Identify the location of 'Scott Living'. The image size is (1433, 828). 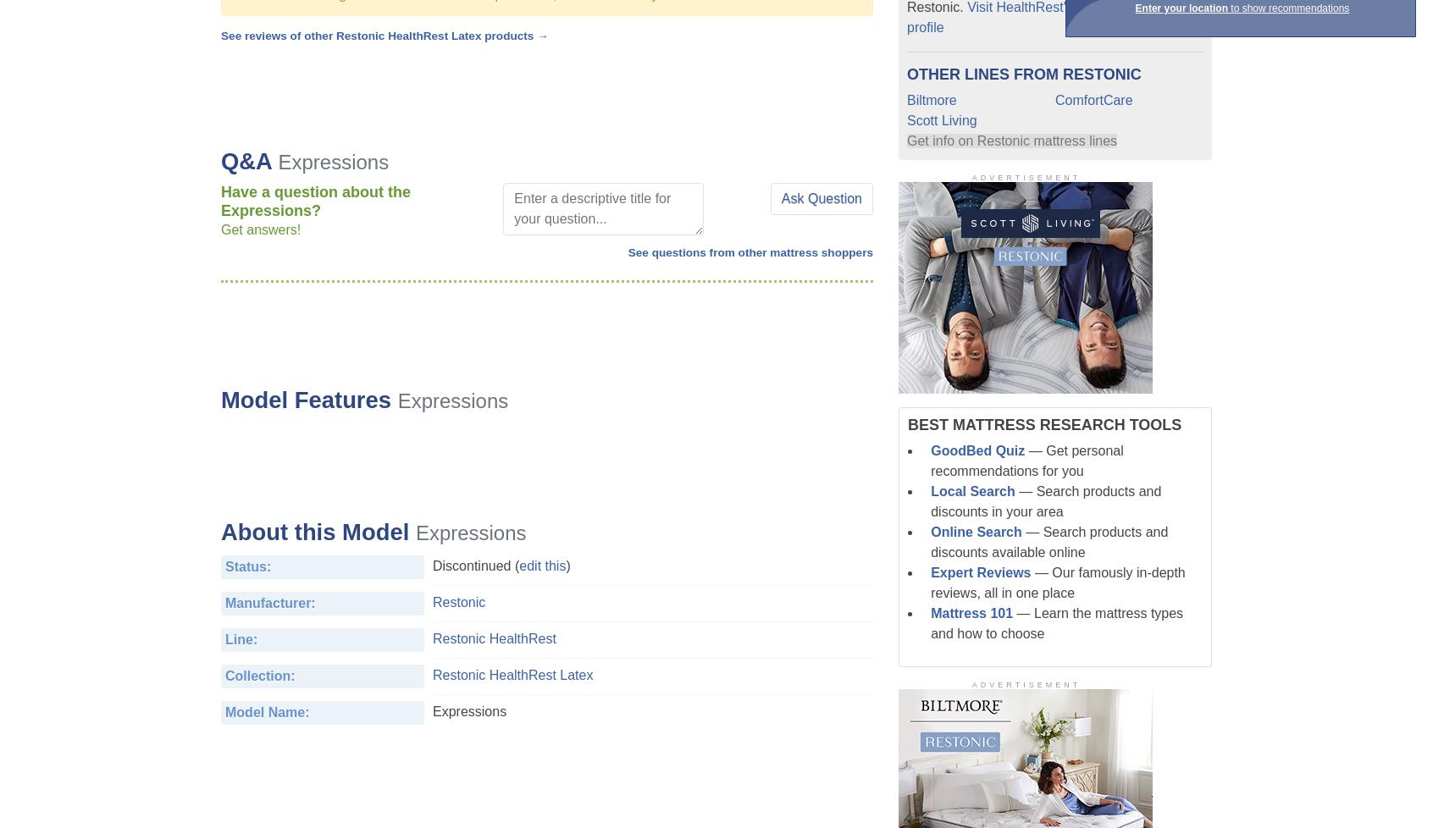
(941, 119).